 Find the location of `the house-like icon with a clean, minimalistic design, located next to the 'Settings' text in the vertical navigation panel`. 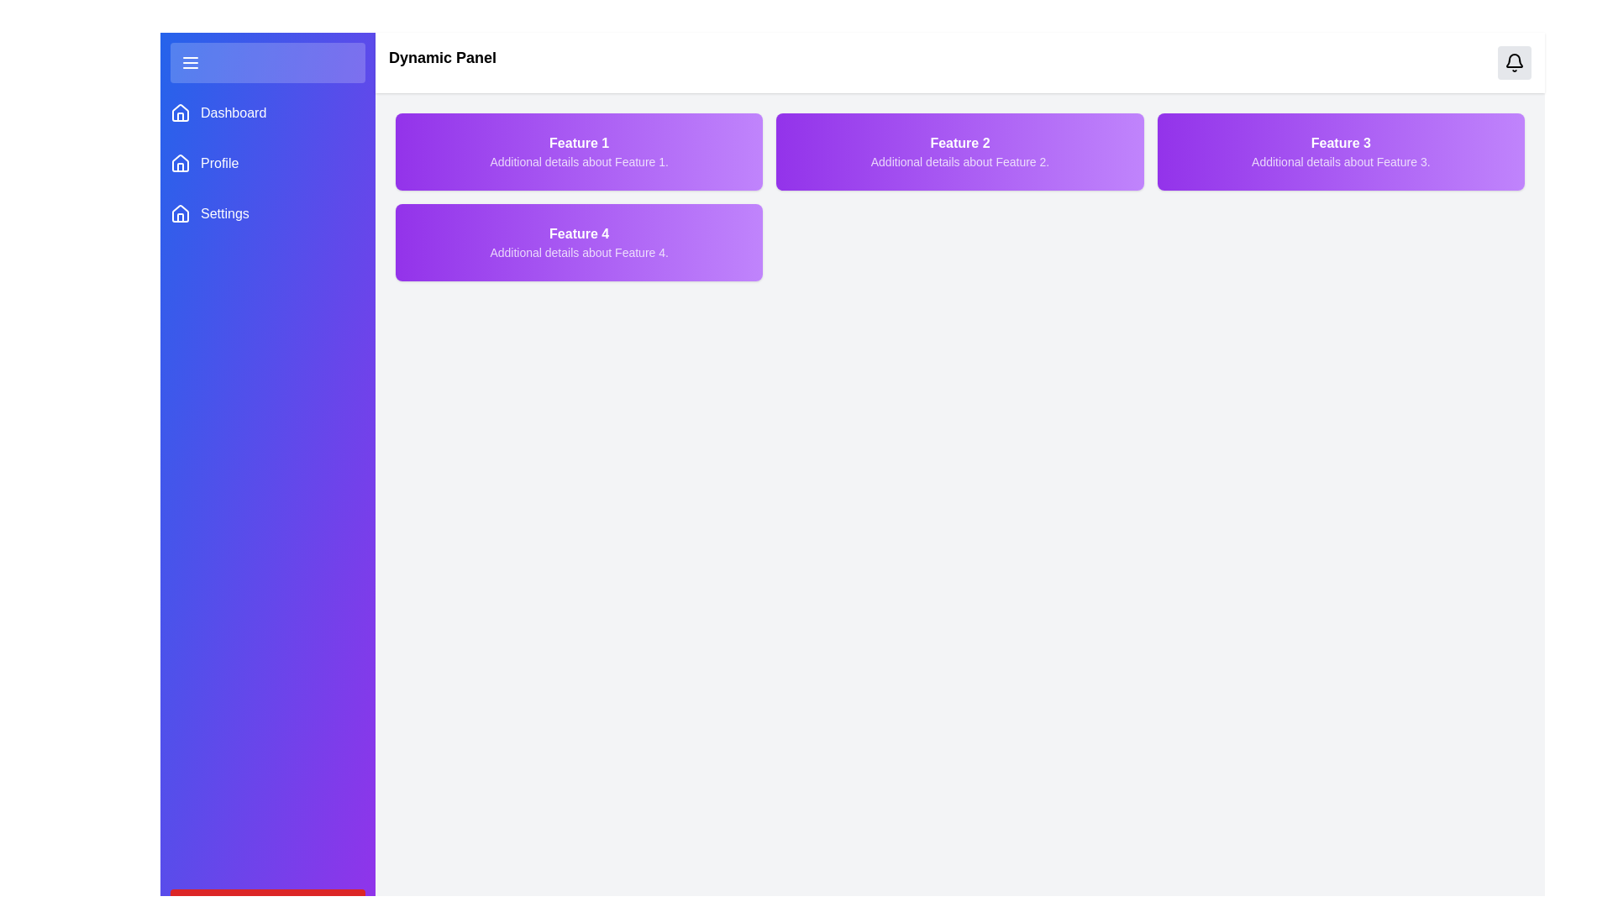

the house-like icon with a clean, minimalistic design, located next to the 'Settings' text in the vertical navigation panel is located at coordinates (181, 212).